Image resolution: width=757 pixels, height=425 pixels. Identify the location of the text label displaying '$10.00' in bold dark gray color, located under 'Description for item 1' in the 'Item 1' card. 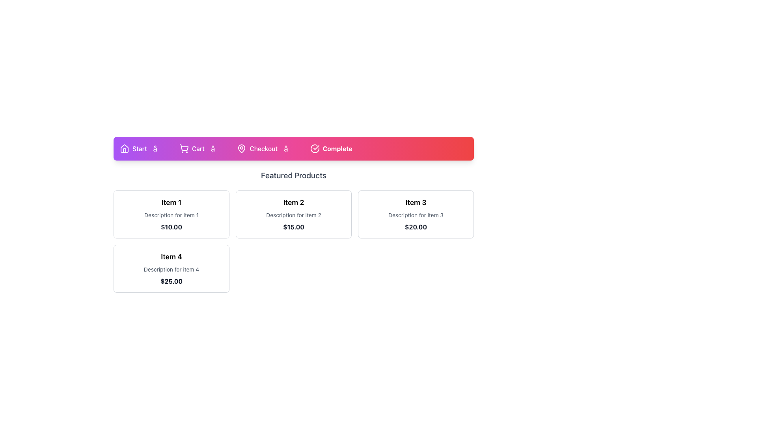
(171, 227).